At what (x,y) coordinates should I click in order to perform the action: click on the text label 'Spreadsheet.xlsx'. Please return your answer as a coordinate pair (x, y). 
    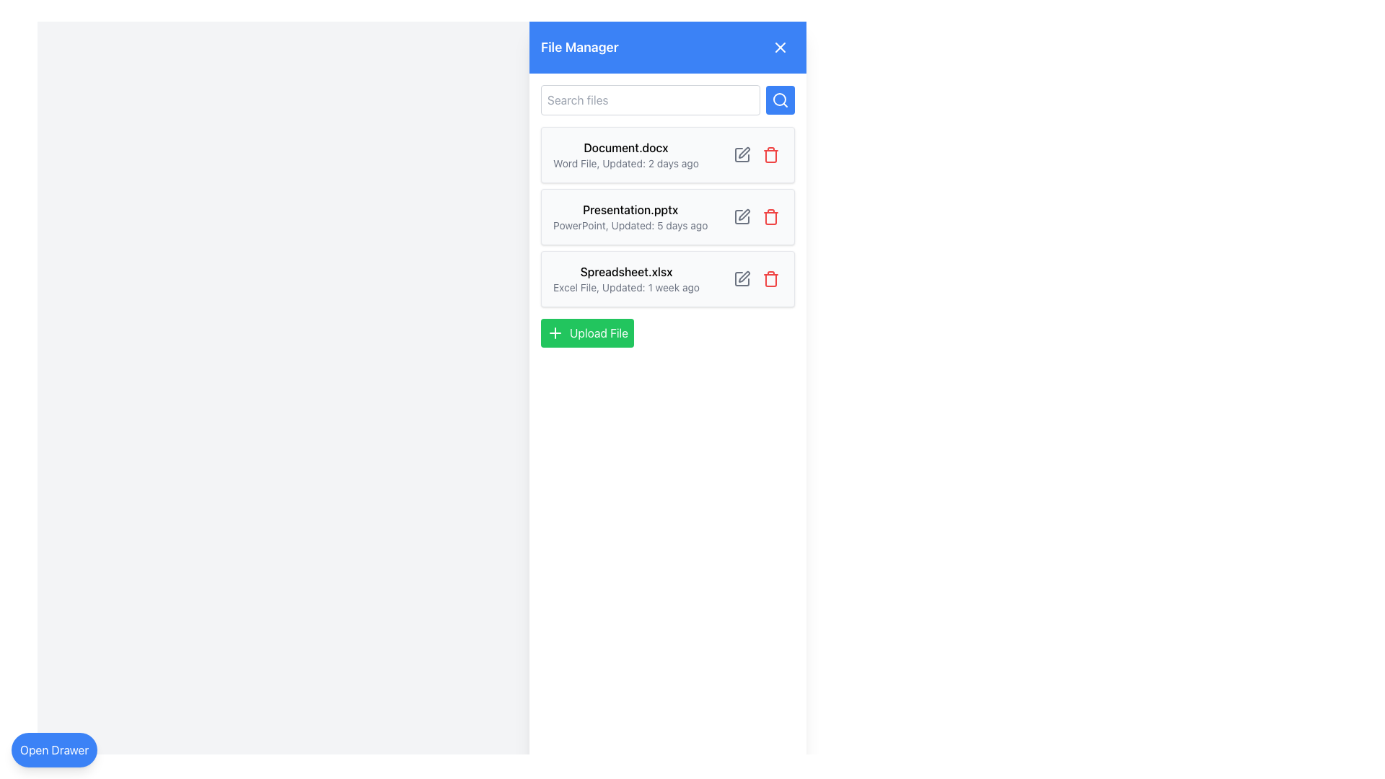
    Looking at the image, I should click on (626, 272).